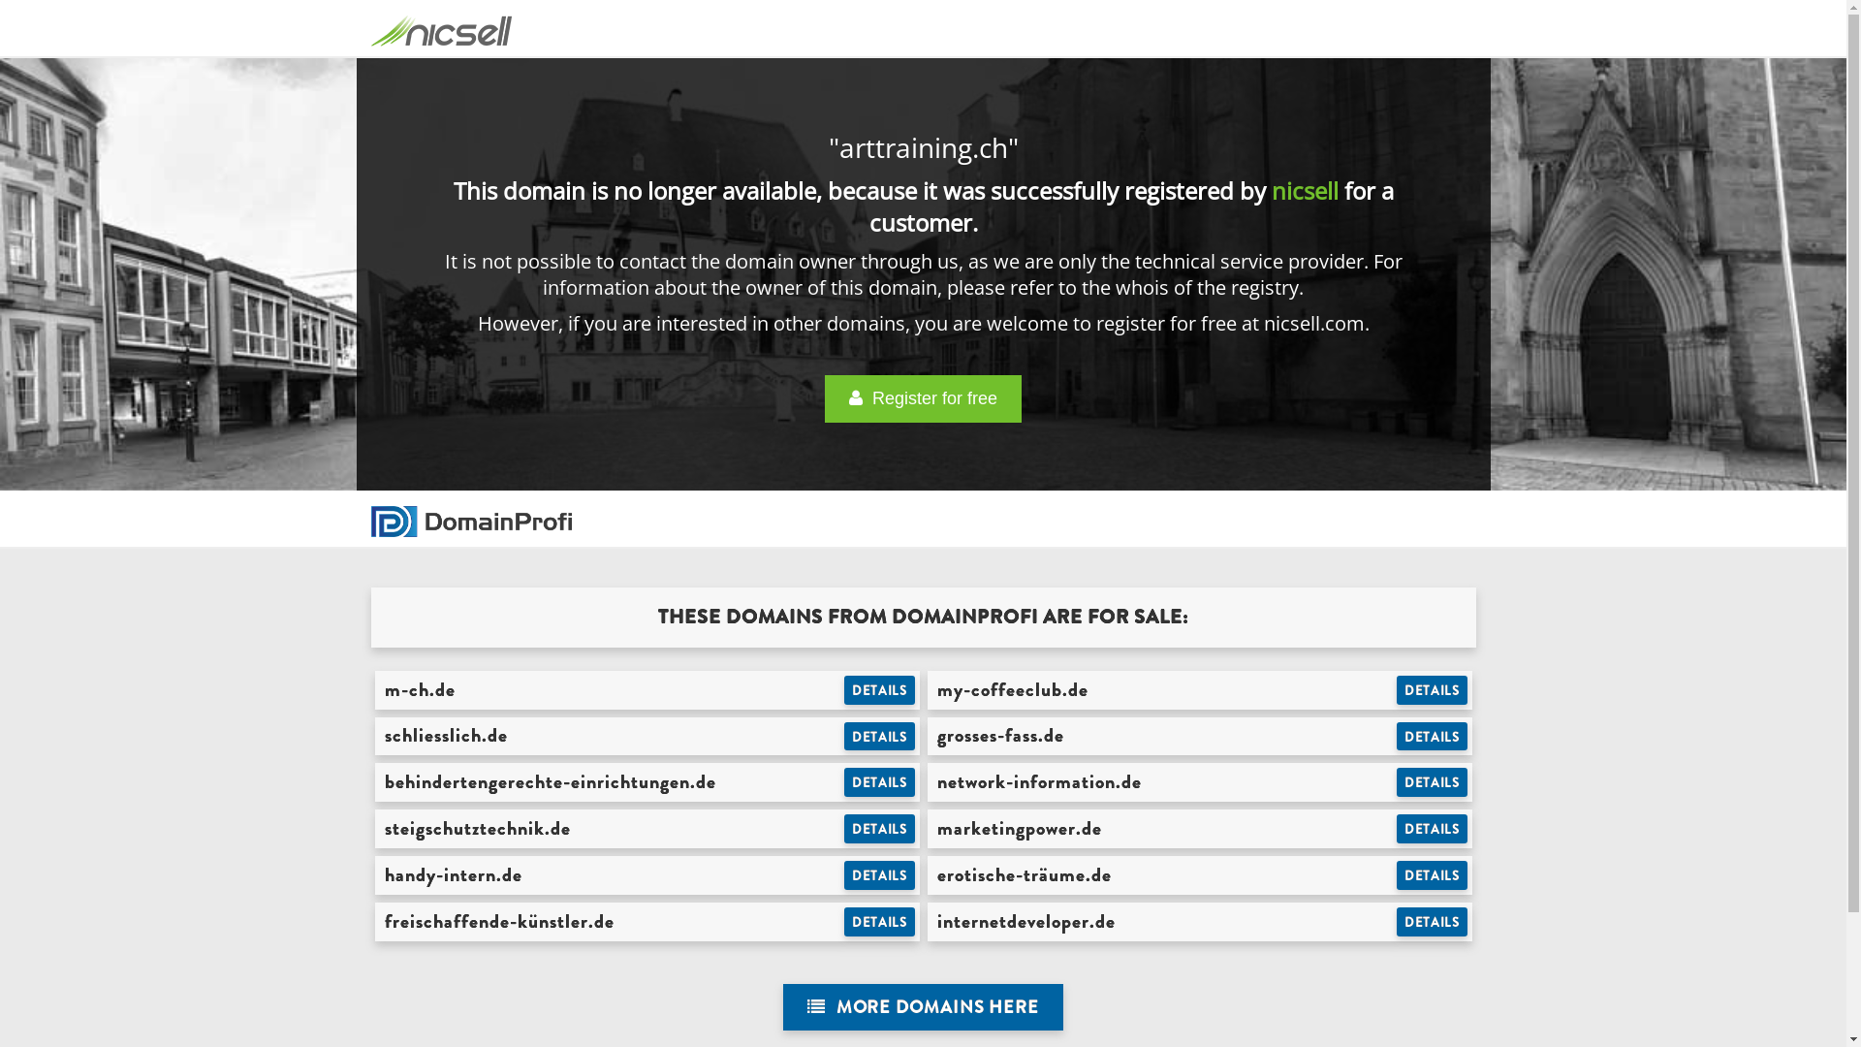 This screenshot has height=1047, width=1861. I want to click on 'DETAILS', so click(1432, 736).